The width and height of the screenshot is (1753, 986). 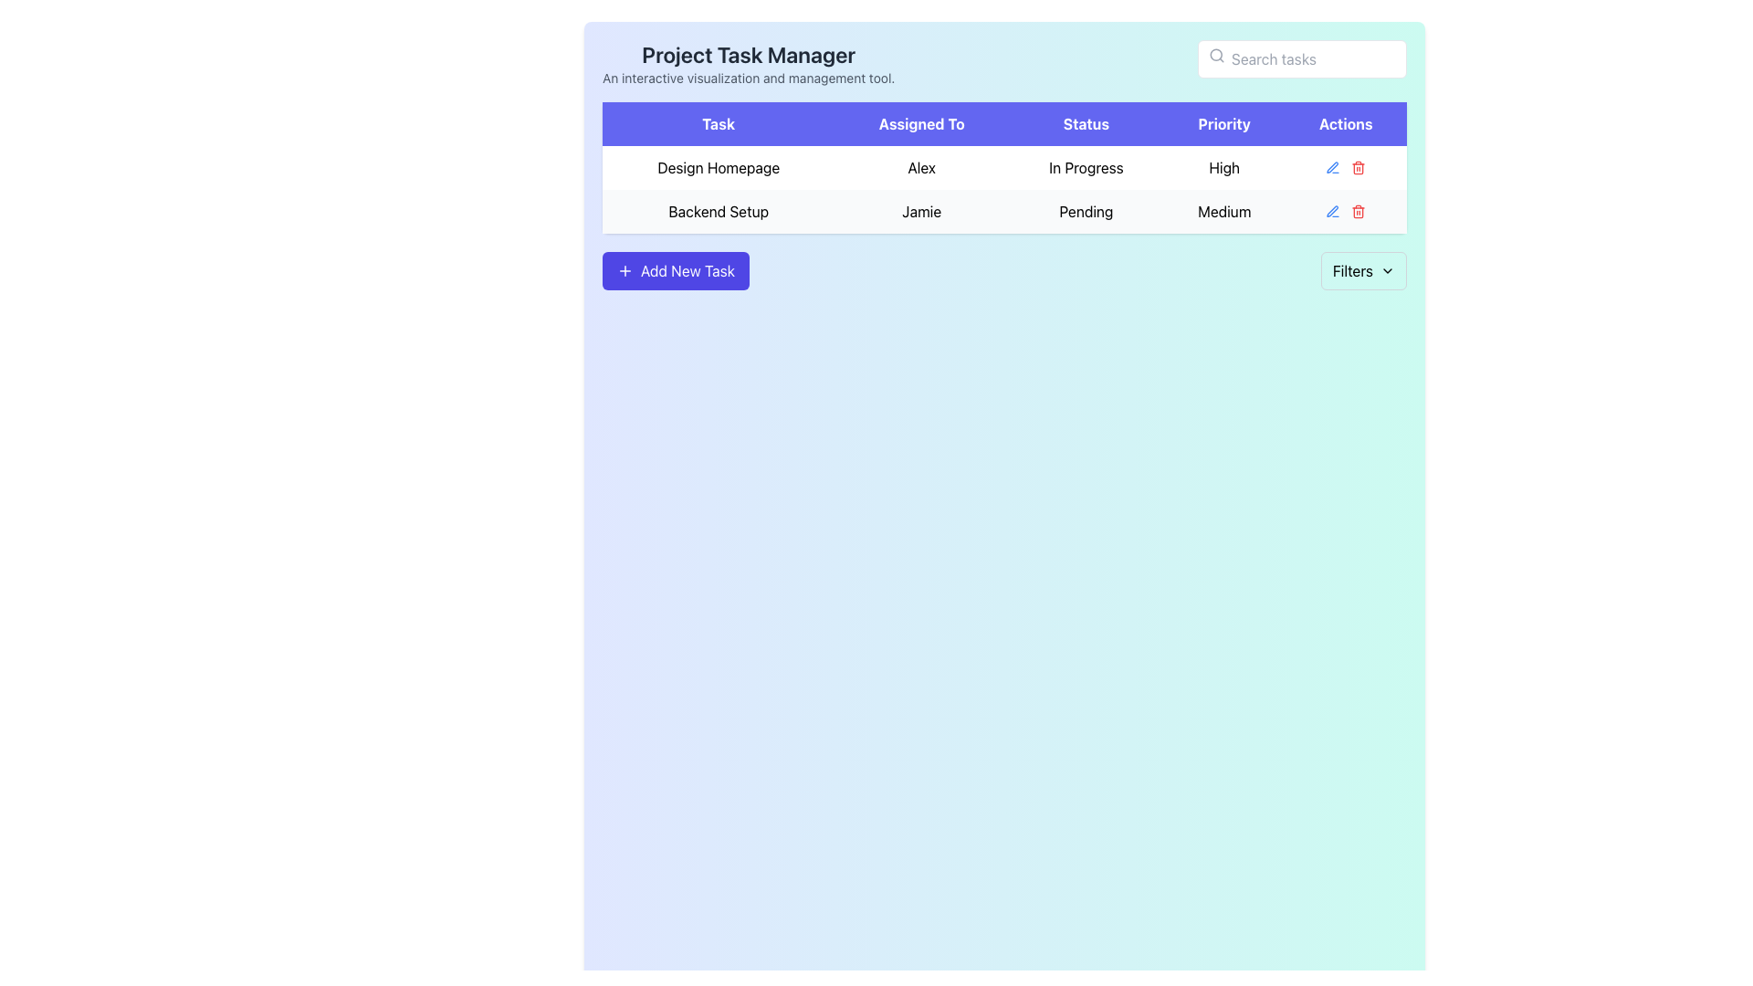 What do you see at coordinates (921, 210) in the screenshot?
I see `the text label identifying the individual assigned to the 'Backend Setup' task in the 'Assigned To' column of the second row in the 'Project Task Manager' table` at bounding box center [921, 210].